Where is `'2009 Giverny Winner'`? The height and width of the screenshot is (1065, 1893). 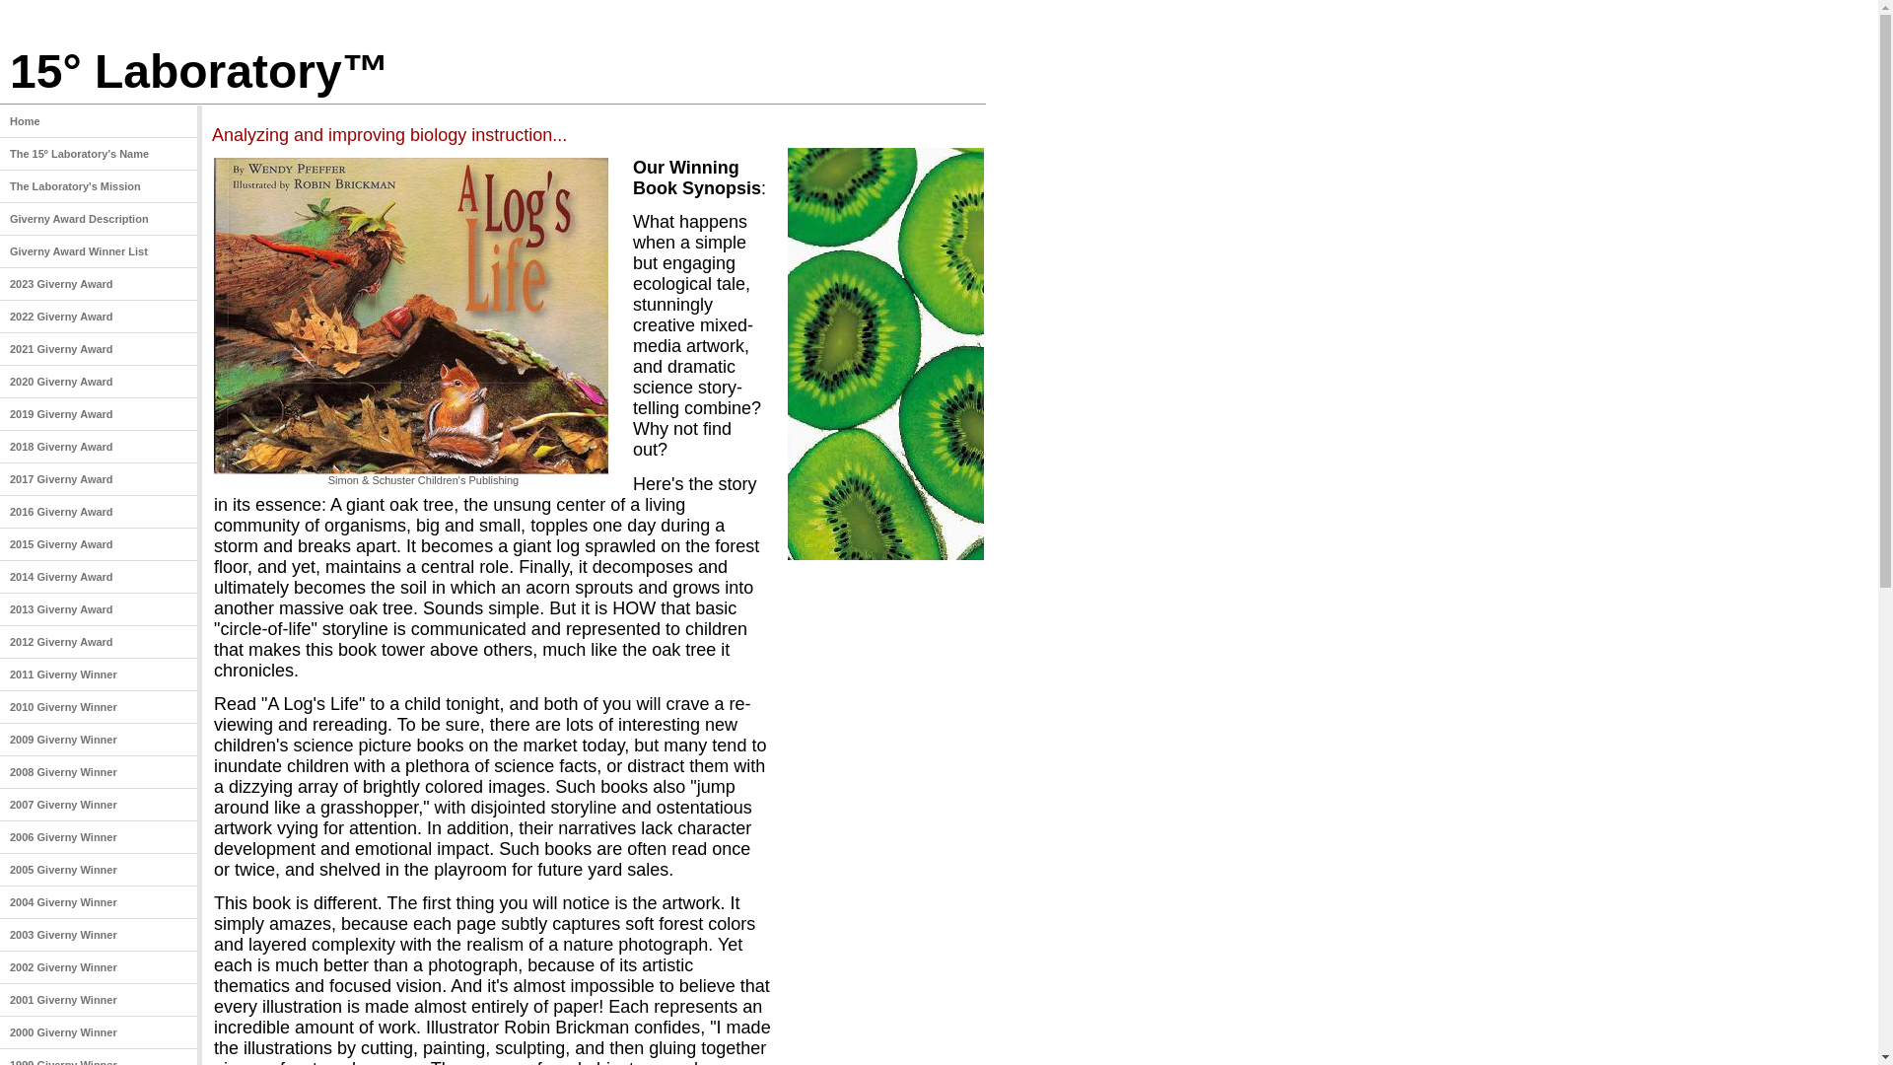
'2009 Giverny Winner' is located at coordinates (98, 740).